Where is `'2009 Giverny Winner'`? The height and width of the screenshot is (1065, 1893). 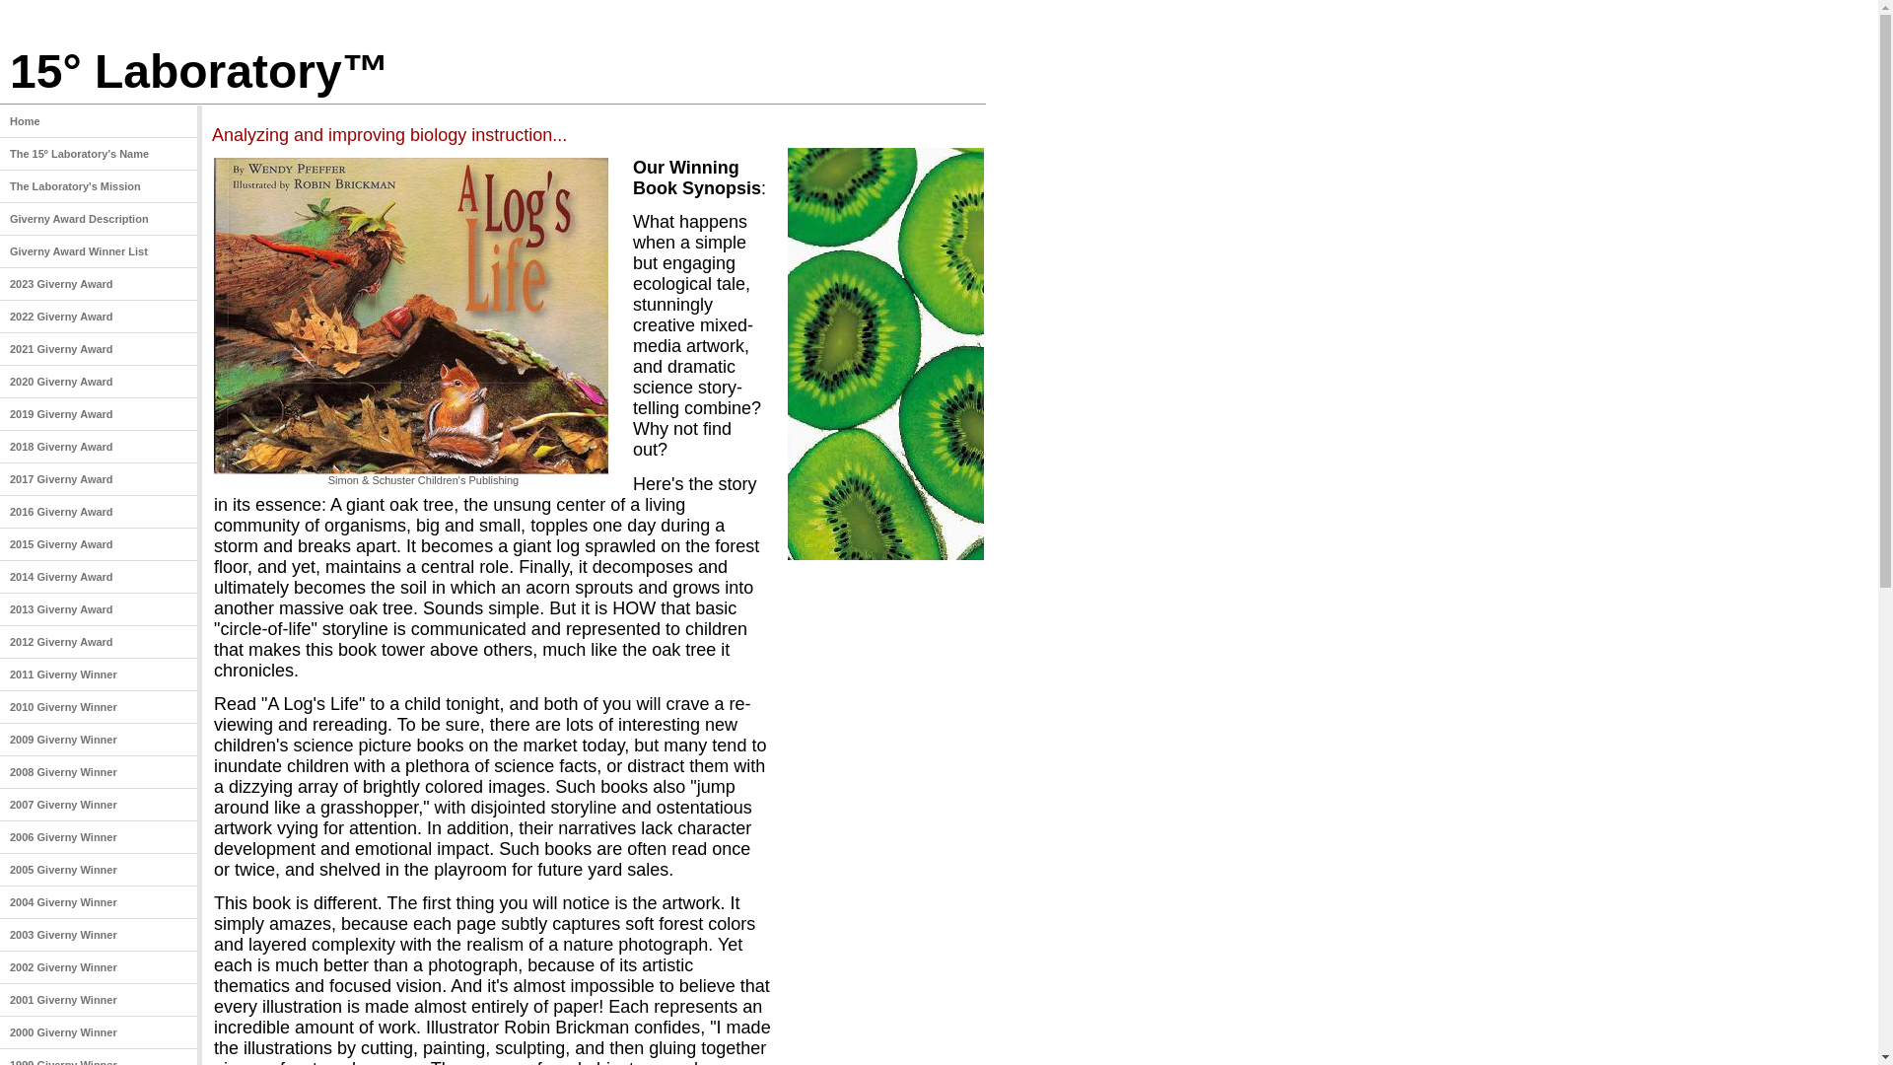
'2009 Giverny Winner' is located at coordinates (98, 740).